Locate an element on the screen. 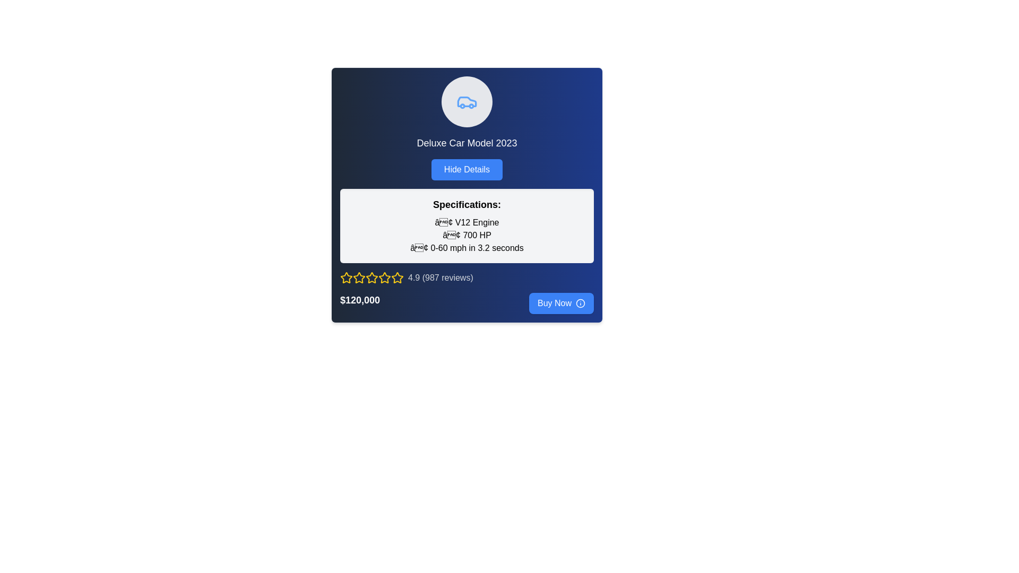 The width and height of the screenshot is (1019, 573). the sixth hollow star icon with a yellow outline in the rating system is located at coordinates (384, 277).